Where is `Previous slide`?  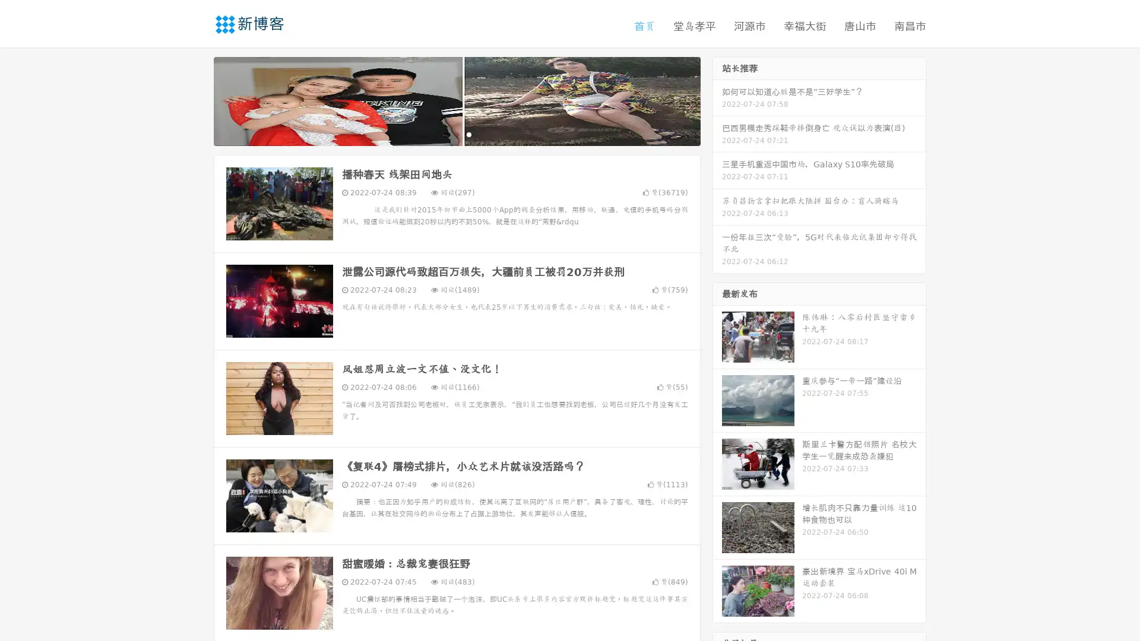
Previous slide is located at coordinates (196, 100).